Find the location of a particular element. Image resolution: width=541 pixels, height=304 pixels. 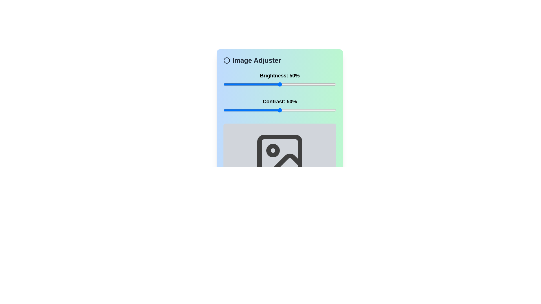

the contrast slider to 1% is located at coordinates (224, 110).